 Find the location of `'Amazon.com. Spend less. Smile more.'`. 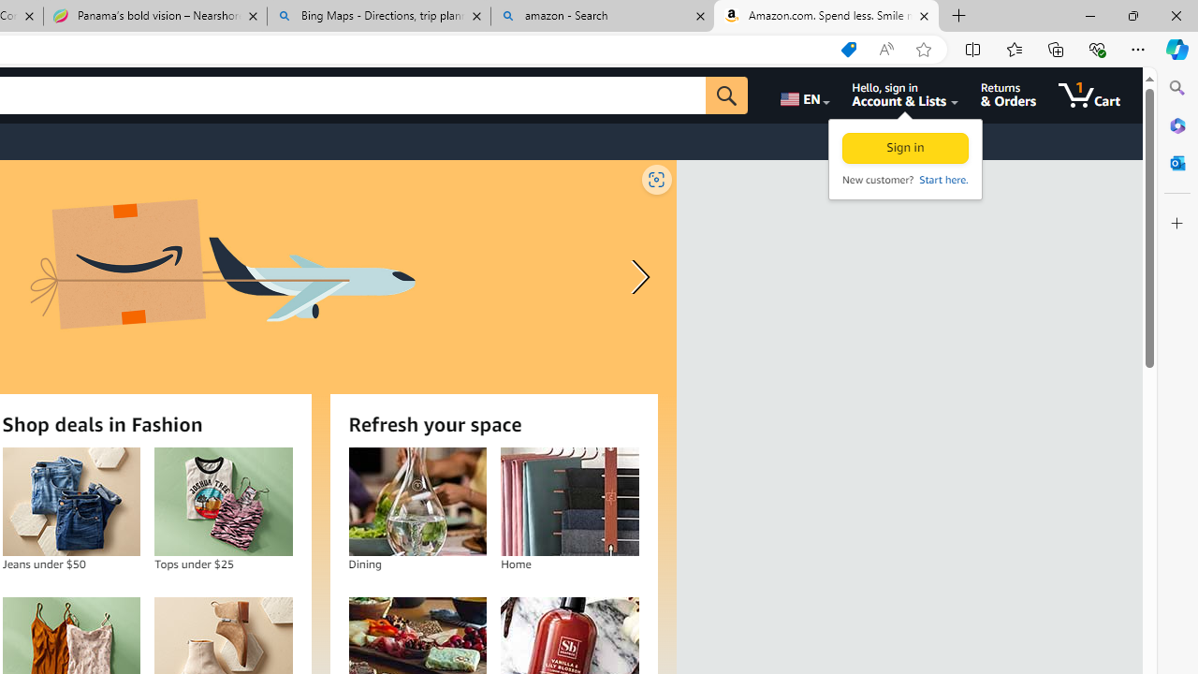

'Amazon.com. Spend less. Smile more.' is located at coordinates (825, 16).